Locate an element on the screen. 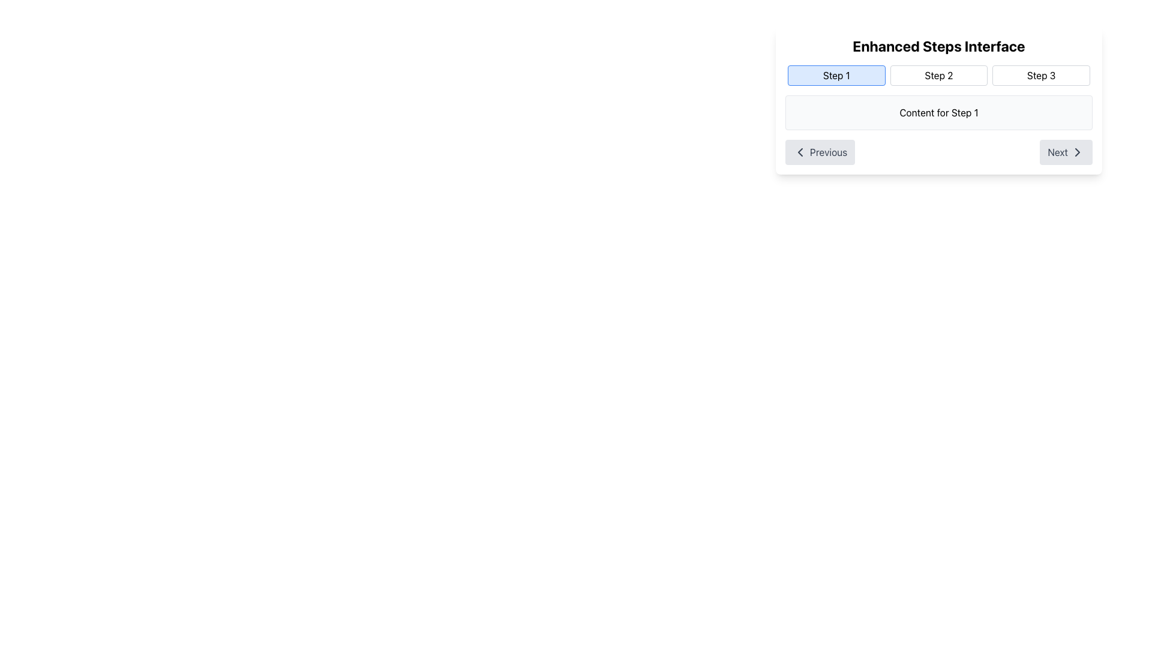 The width and height of the screenshot is (1152, 648). the chevron icon located inside the 'Previous' button is located at coordinates (800, 152).